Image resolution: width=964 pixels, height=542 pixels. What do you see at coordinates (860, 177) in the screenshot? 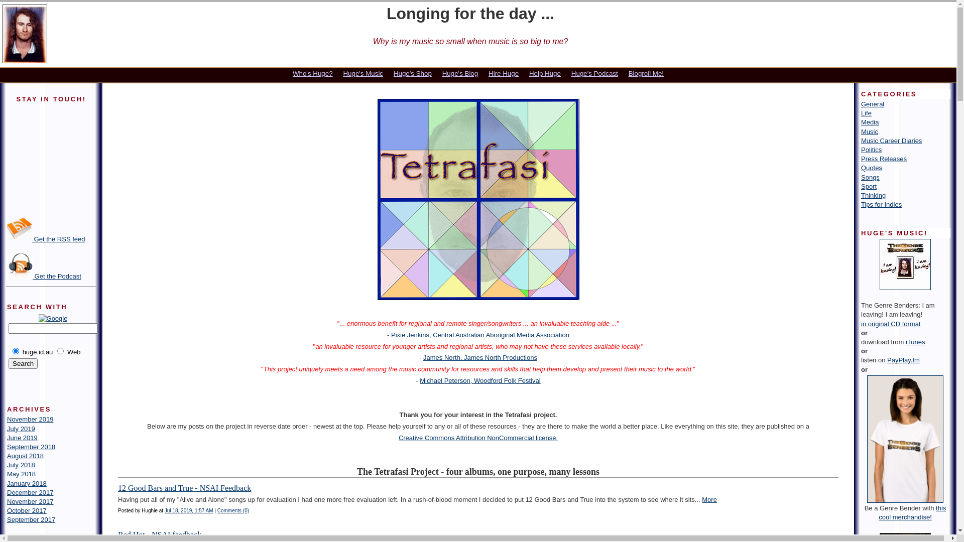
I see `'Songs'` at bounding box center [860, 177].